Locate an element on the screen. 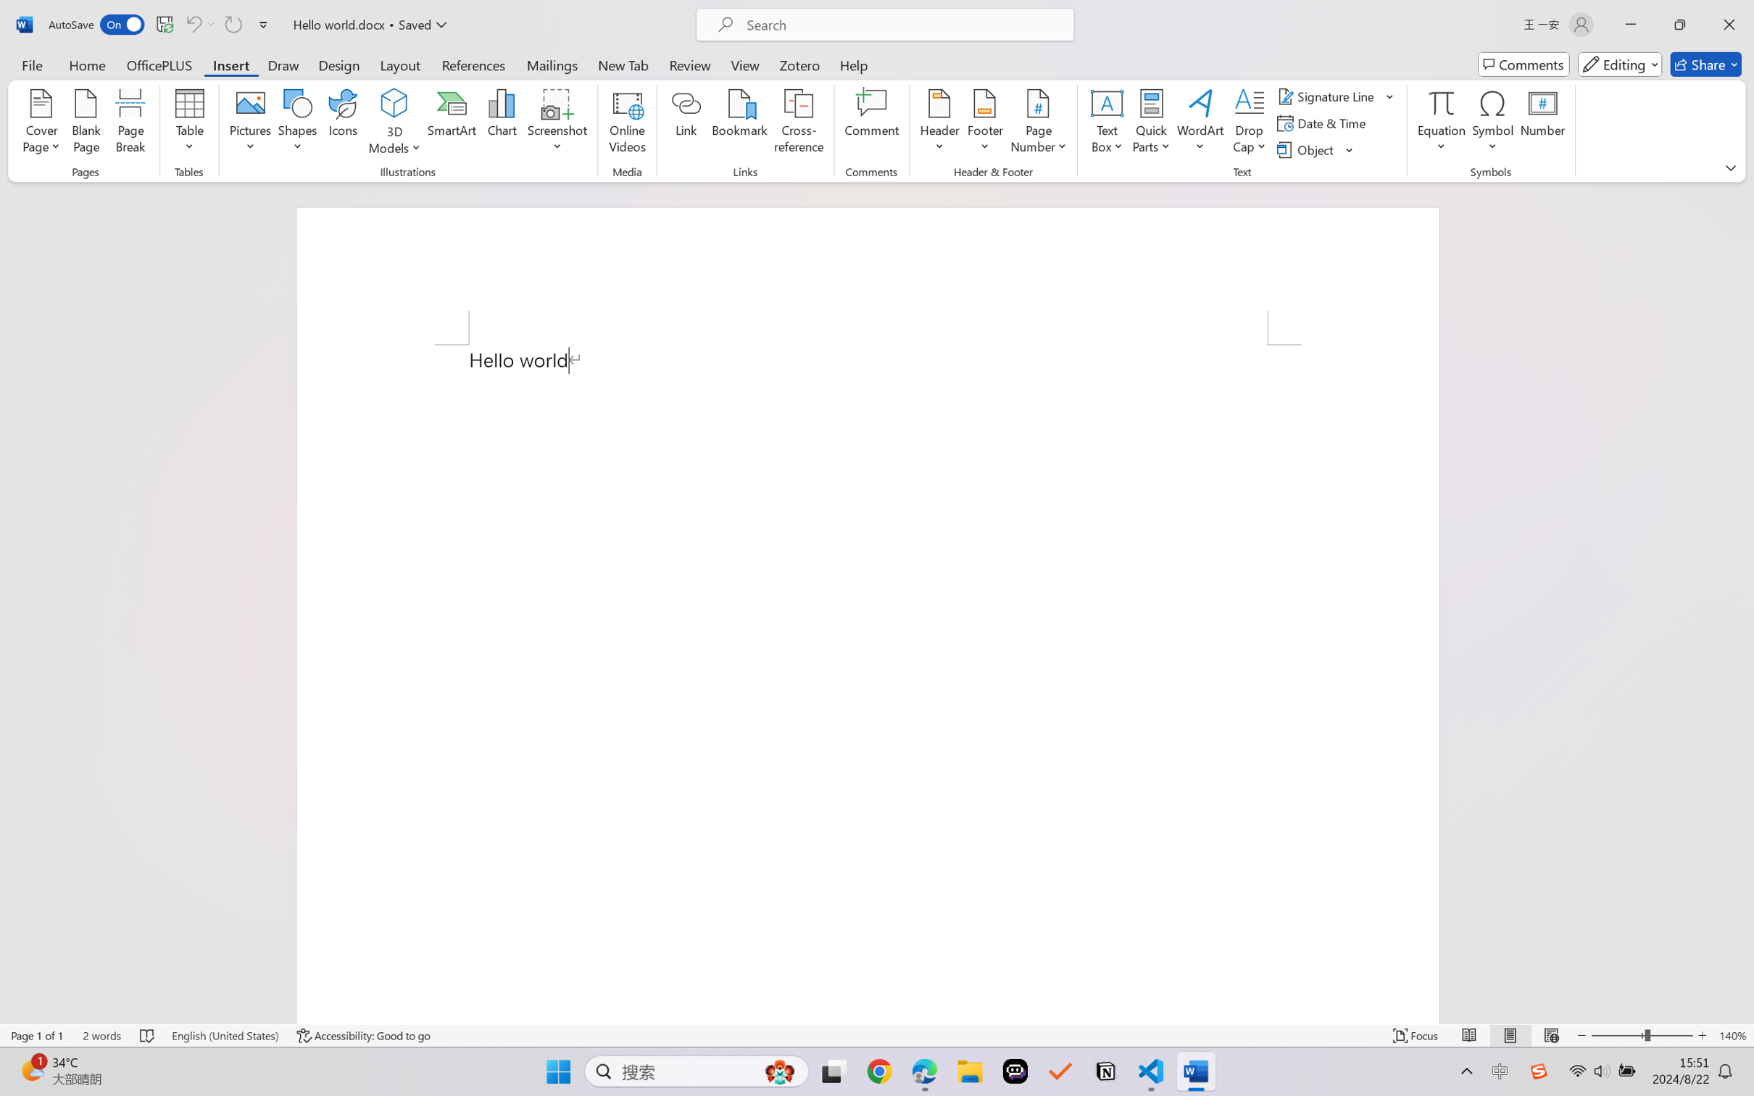 The height and width of the screenshot is (1096, 1754). 'Text Box' is located at coordinates (1107, 123).